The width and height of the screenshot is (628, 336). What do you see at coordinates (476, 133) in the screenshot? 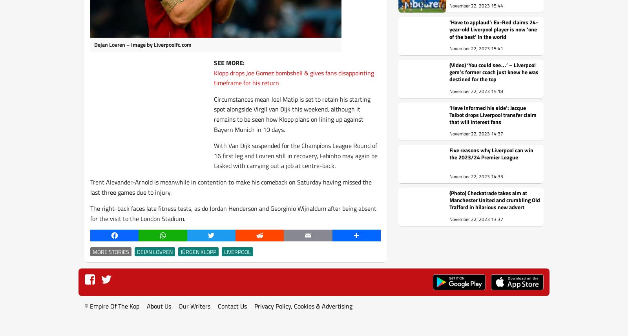
I see `'November 22, 2023 14:37'` at bounding box center [476, 133].